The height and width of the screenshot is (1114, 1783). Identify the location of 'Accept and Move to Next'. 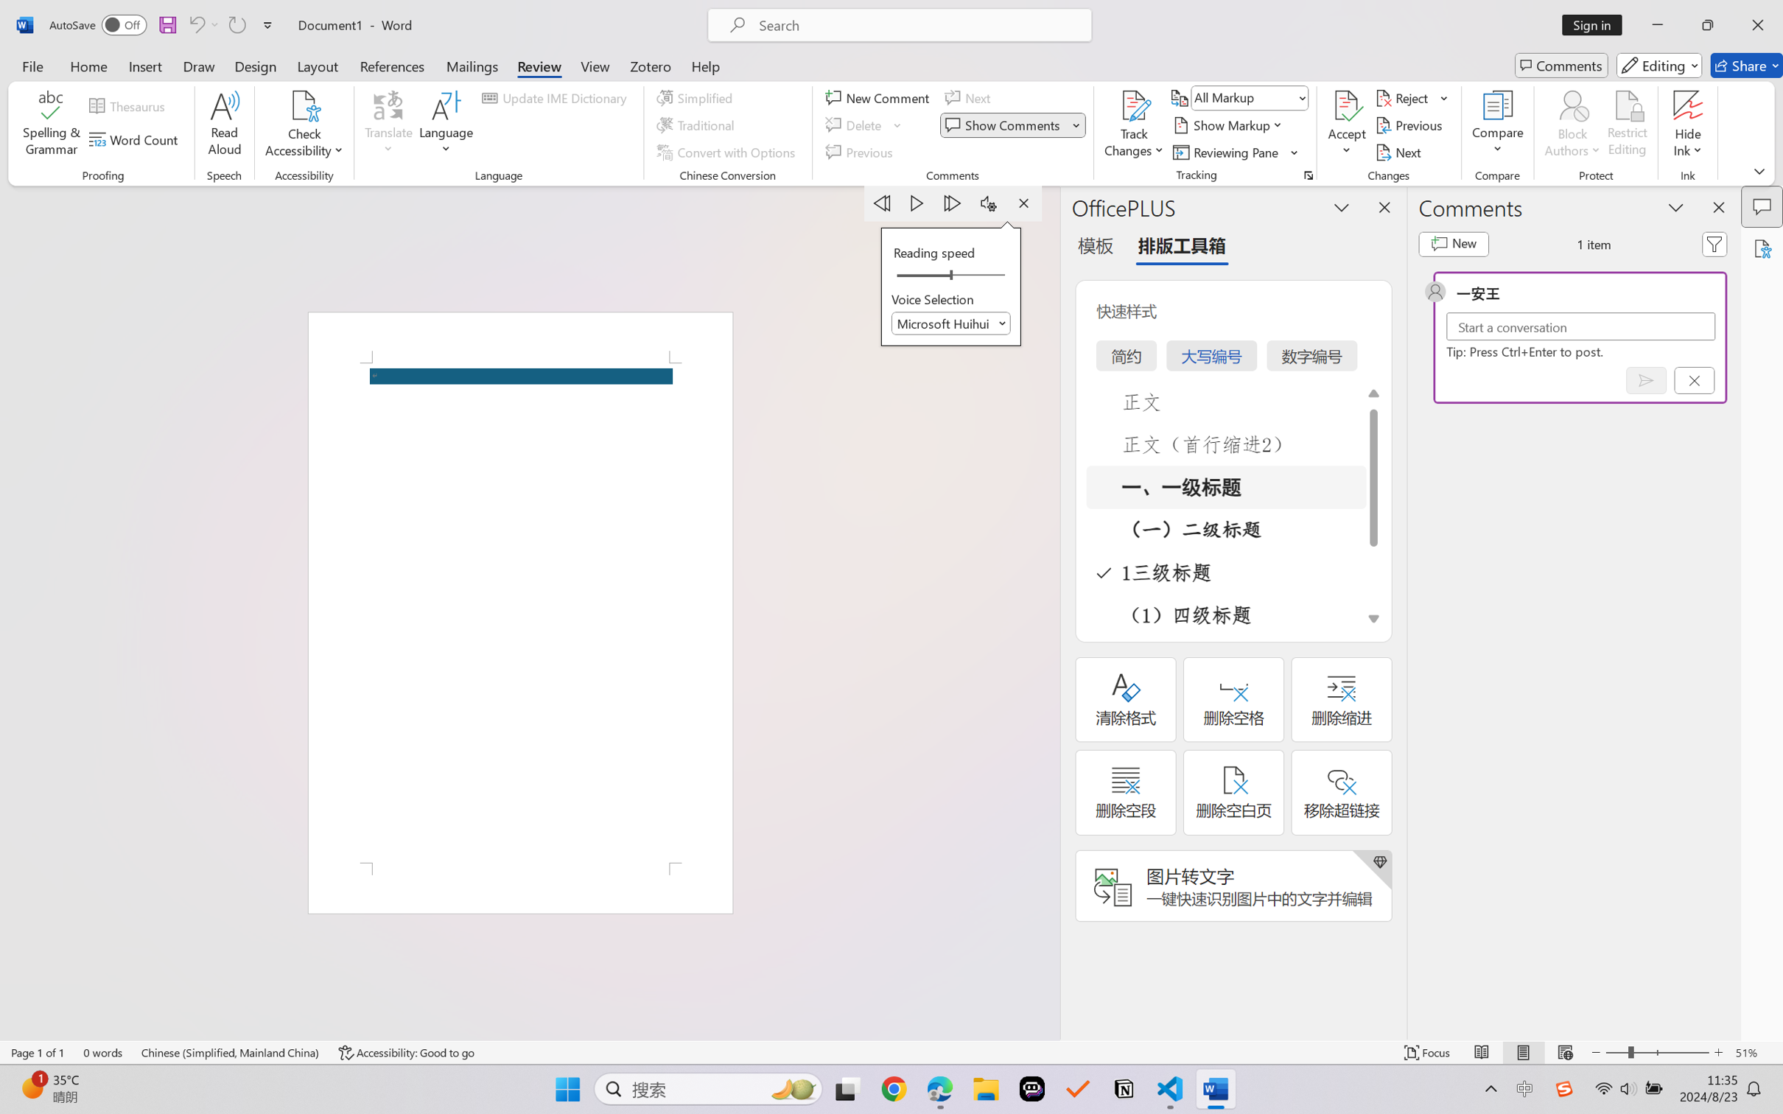
(1346, 105).